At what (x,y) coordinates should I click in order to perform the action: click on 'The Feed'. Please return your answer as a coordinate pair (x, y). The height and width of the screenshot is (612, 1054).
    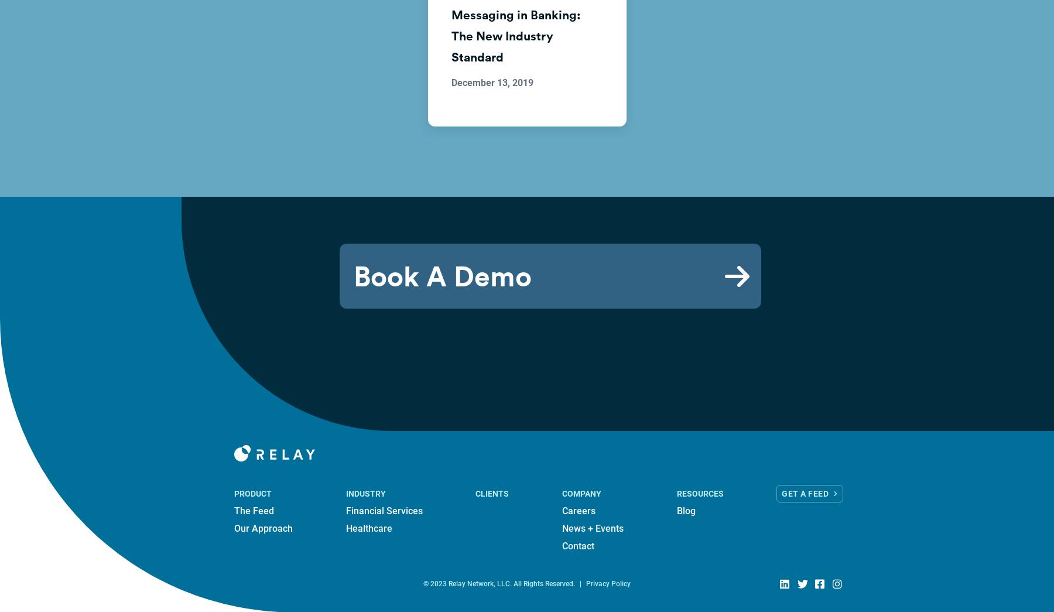
    Looking at the image, I should click on (234, 511).